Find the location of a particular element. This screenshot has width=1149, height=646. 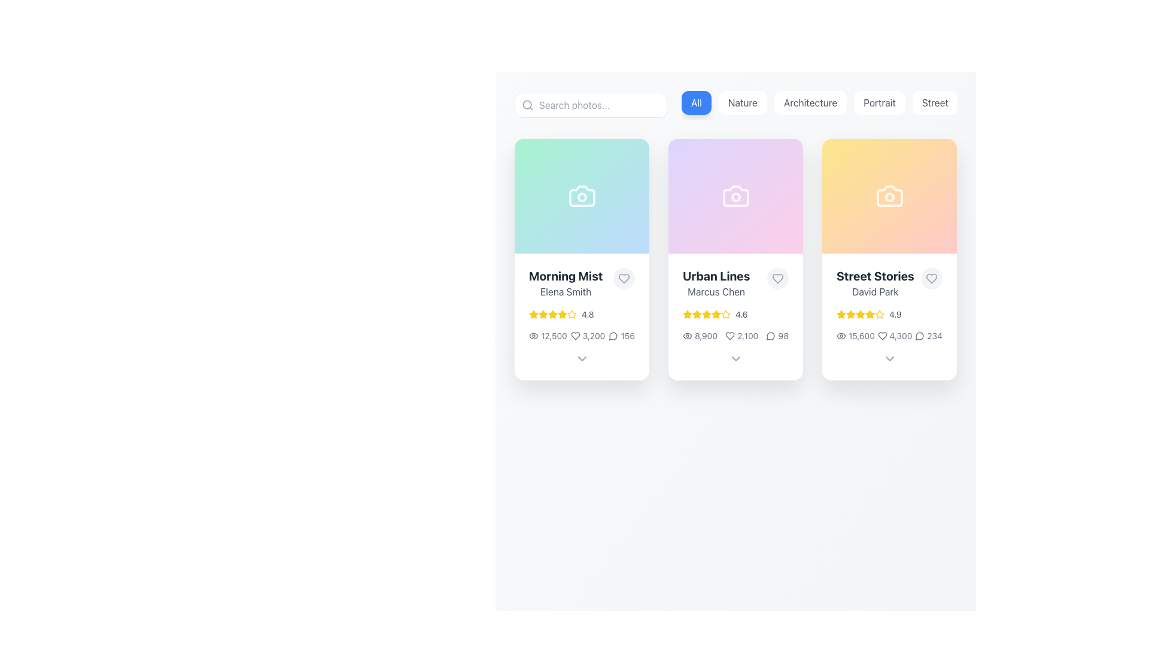

the yellow star icon with a rounded edge and hollow center, which is the third star from the left in a row of five stars below the title 'Morning Mist' is located at coordinates (542, 313).